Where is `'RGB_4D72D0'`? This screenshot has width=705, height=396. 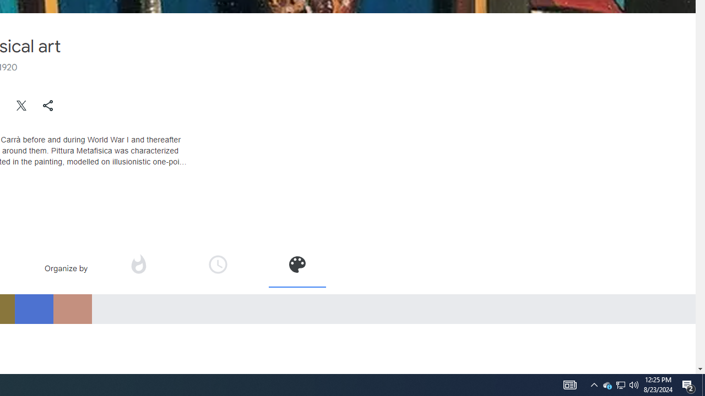 'RGB_4D72D0' is located at coordinates (34, 309).